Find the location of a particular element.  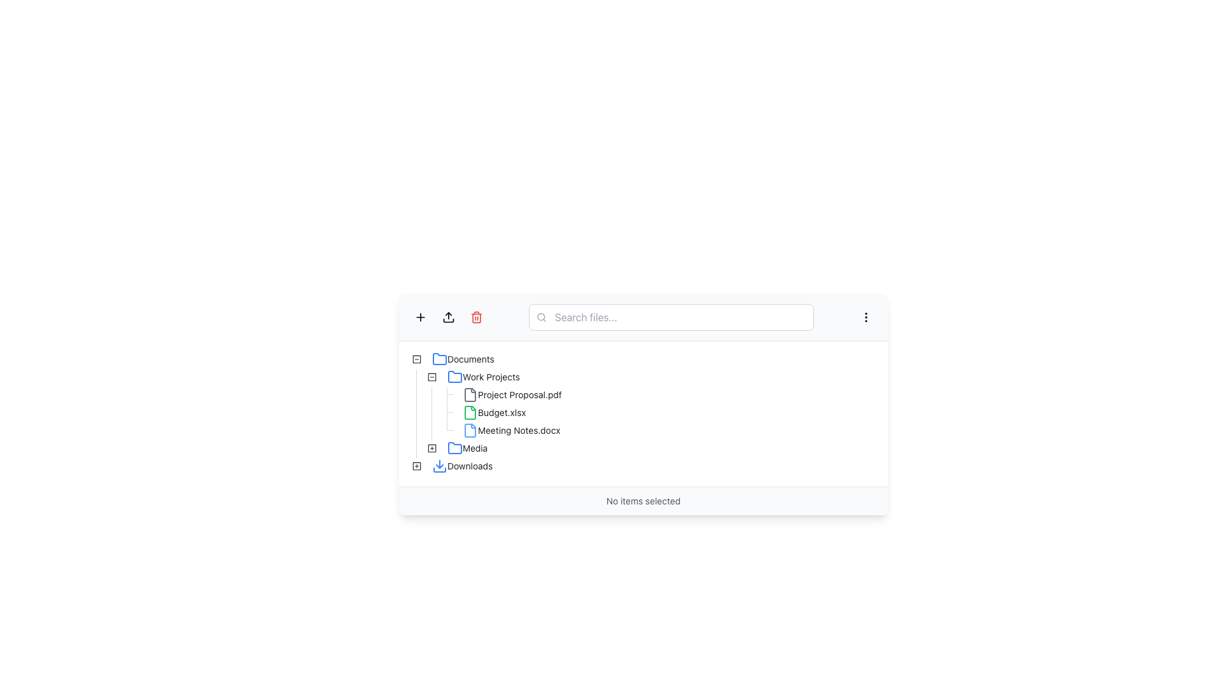

the Tree Switcher element located beside 'Budget.xlsx' in the file tree interface, indicating it cannot be expanded further is located at coordinates (447, 412).